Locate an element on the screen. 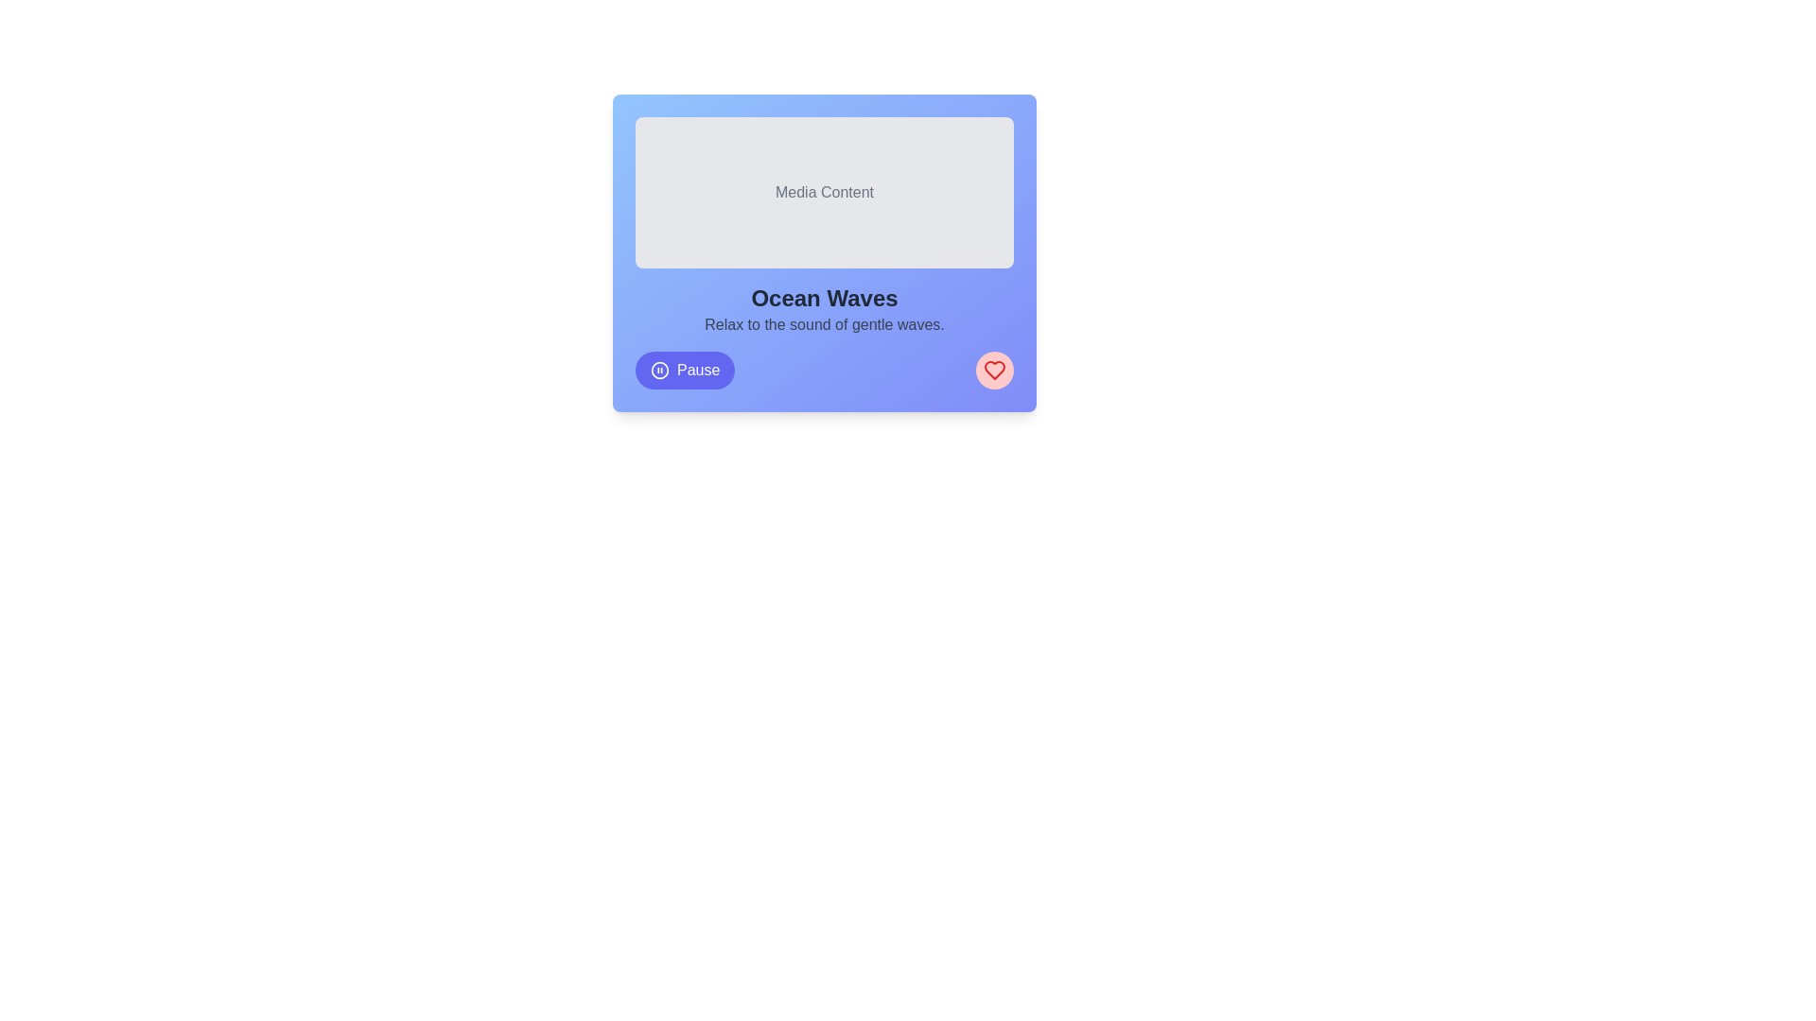  the pause button located at the lower left portion of the card titled 'Ocean Waves' is located at coordinates (684, 371).